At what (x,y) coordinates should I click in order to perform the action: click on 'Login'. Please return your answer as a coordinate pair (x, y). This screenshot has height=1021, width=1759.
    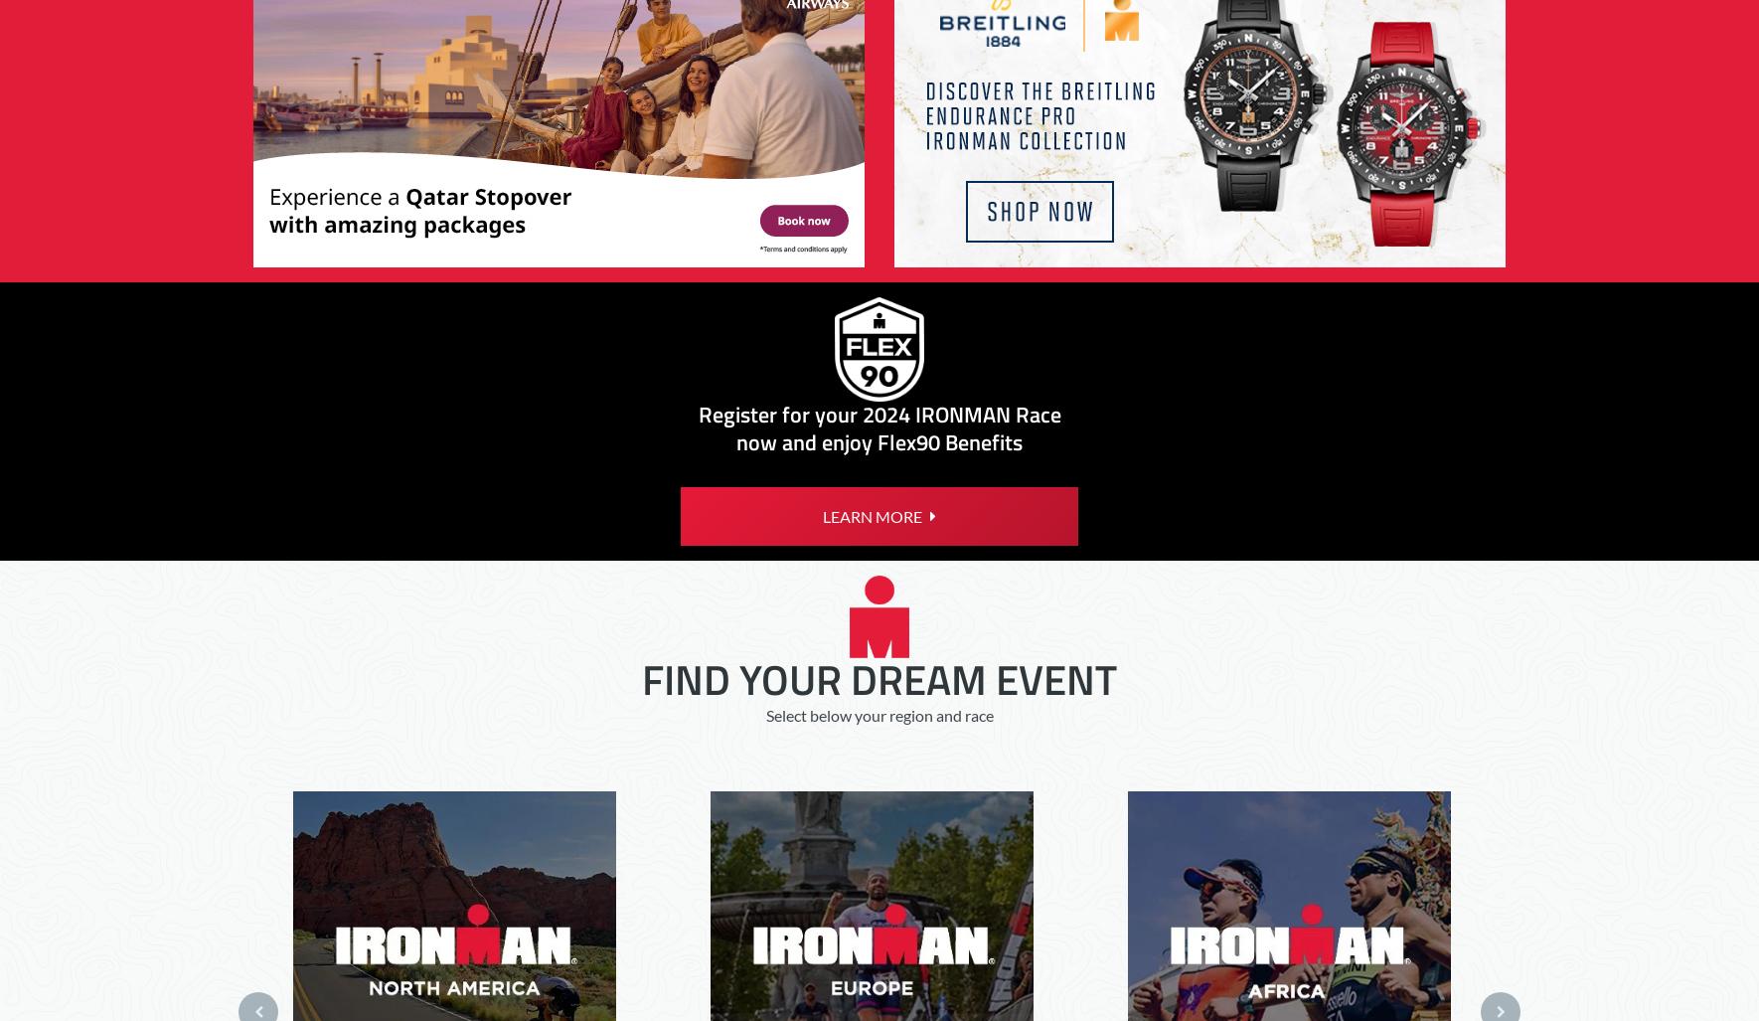
    Looking at the image, I should click on (1210, 180).